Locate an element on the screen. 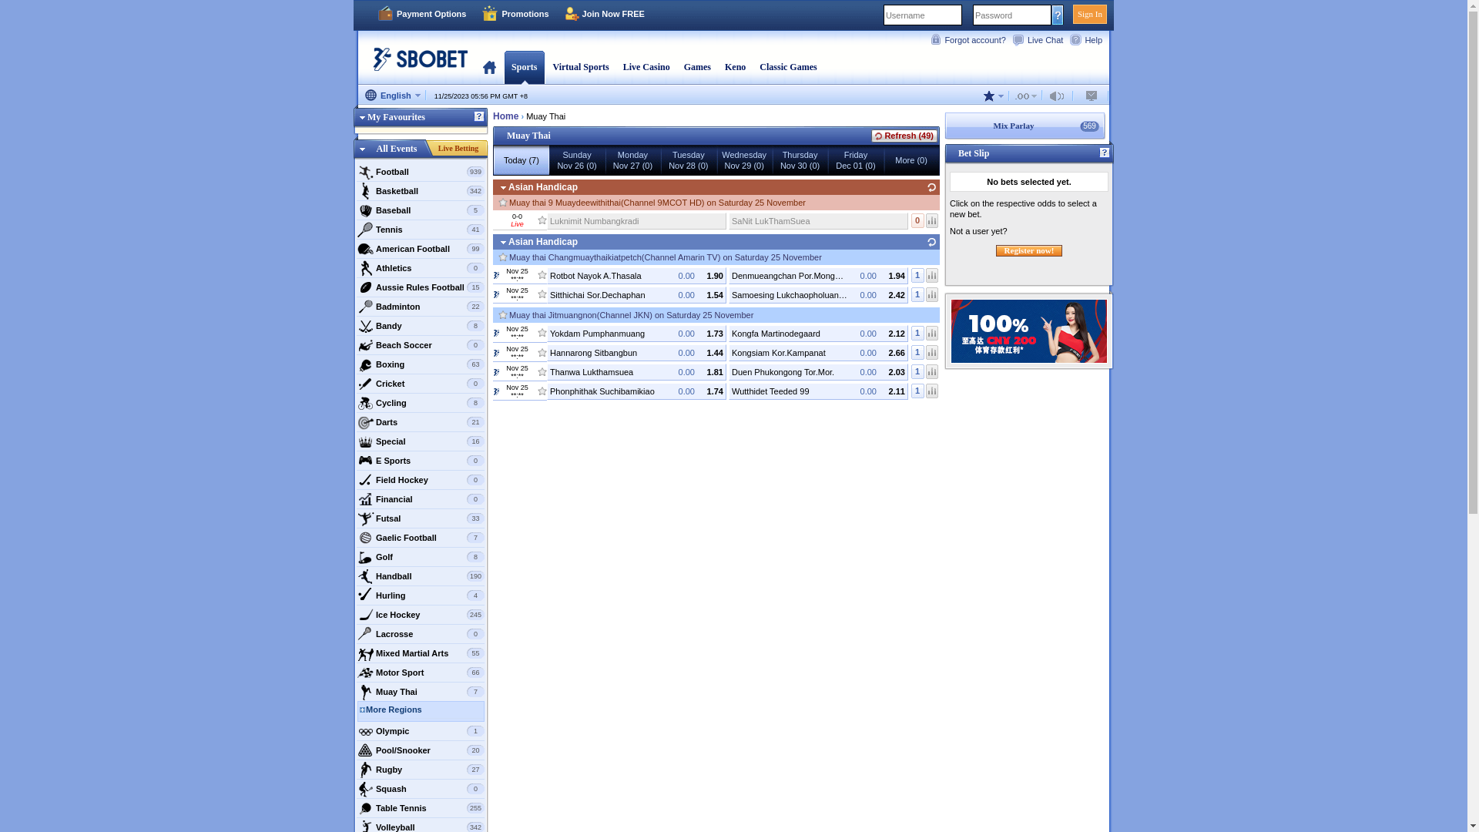 This screenshot has width=1479, height=832. 'Live Betting' is located at coordinates (431, 148).